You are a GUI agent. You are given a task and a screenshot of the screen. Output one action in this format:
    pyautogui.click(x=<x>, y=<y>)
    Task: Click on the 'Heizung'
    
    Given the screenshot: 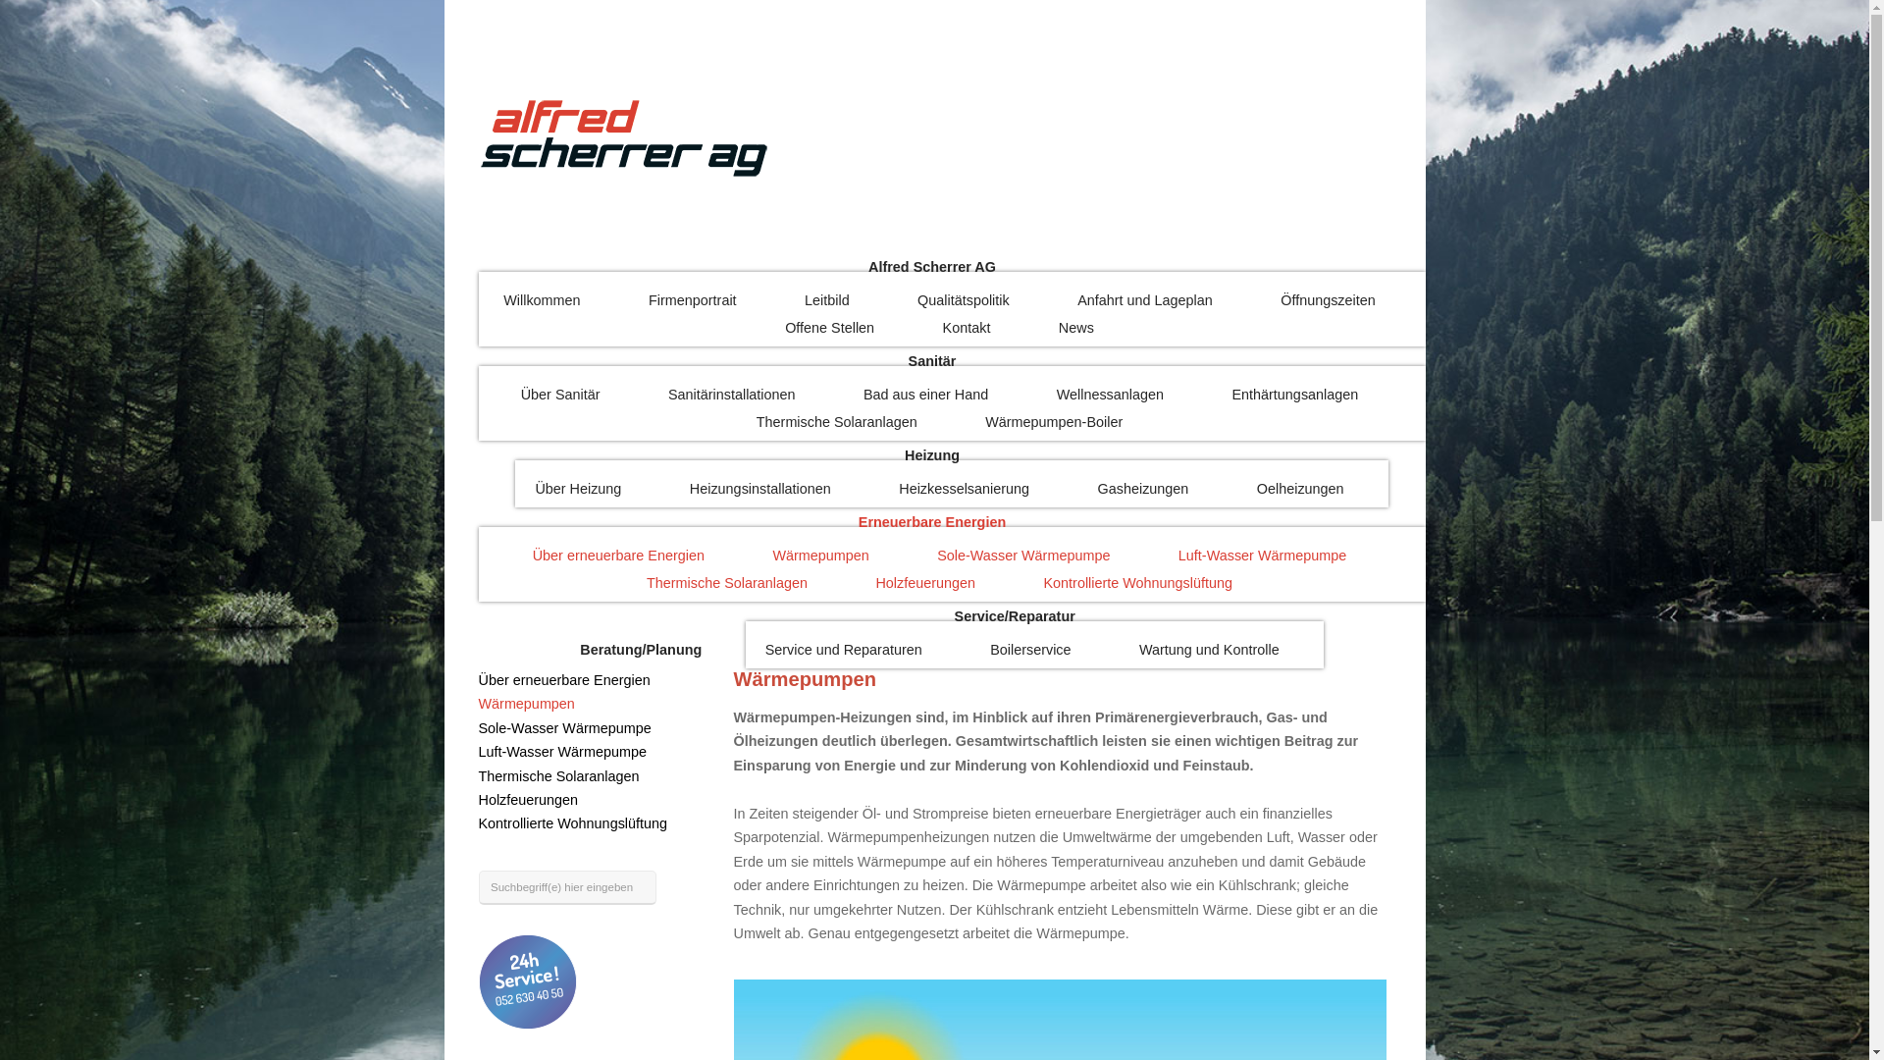 What is the action you would take?
    pyautogui.click(x=903, y=454)
    